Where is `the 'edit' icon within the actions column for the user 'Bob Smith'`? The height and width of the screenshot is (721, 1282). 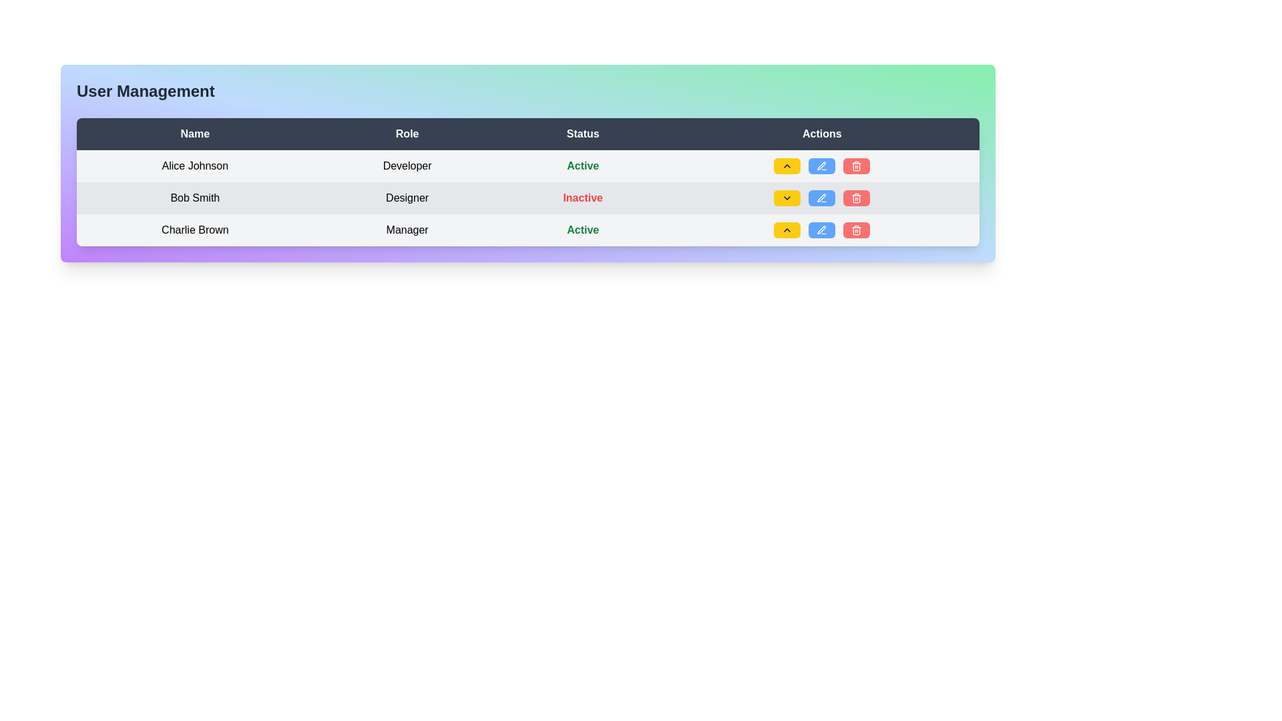 the 'edit' icon within the actions column for the user 'Bob Smith' is located at coordinates (821, 198).